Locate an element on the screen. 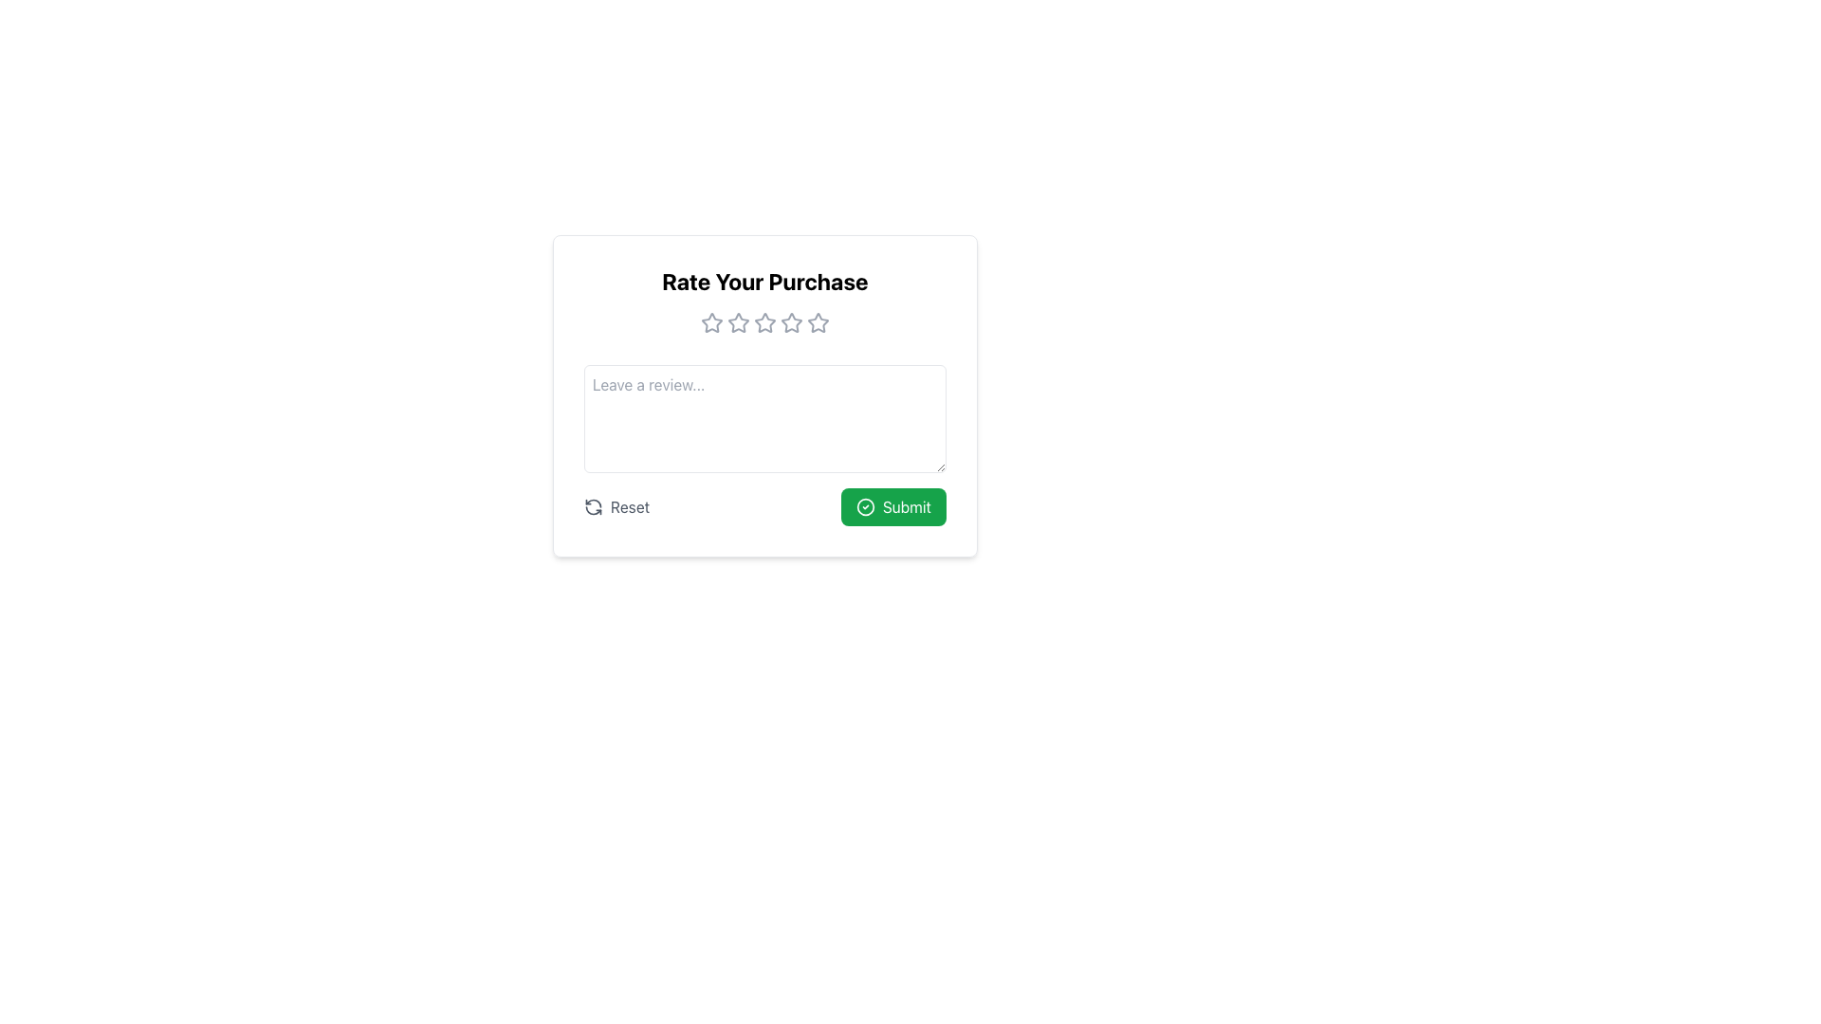 The image size is (1821, 1024). the second star icon in the rating stars below the 'Rate Your Purchase' title is located at coordinates (737, 321).